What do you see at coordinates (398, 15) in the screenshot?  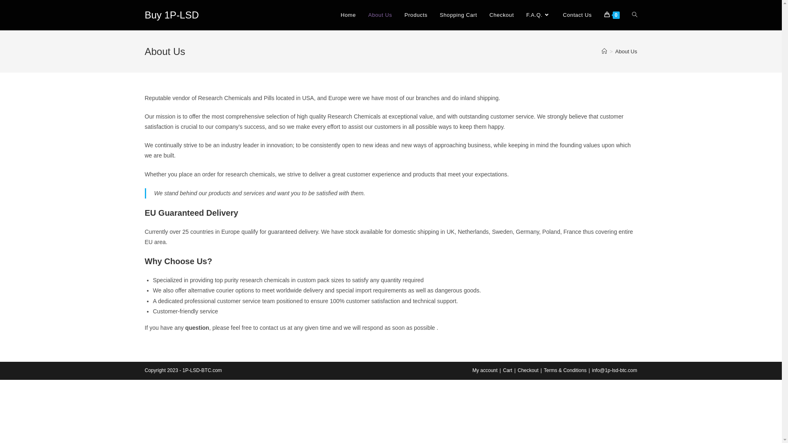 I see `'Products'` at bounding box center [398, 15].